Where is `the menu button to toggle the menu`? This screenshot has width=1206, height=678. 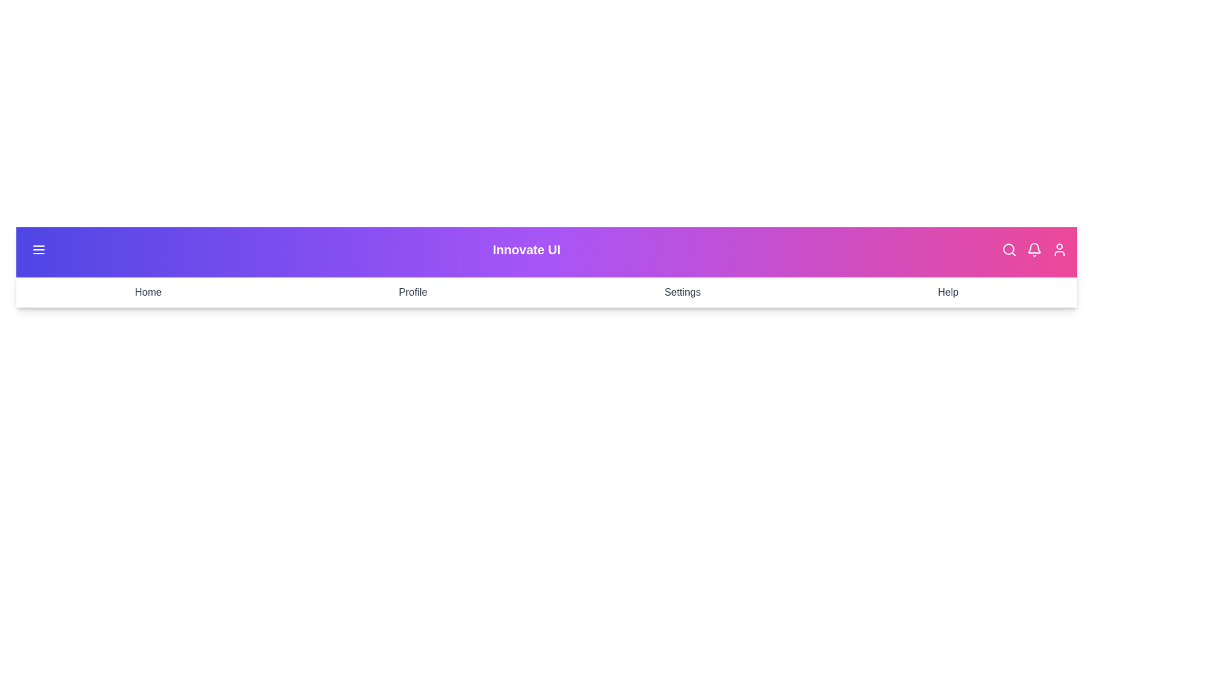 the menu button to toggle the menu is located at coordinates (39, 249).